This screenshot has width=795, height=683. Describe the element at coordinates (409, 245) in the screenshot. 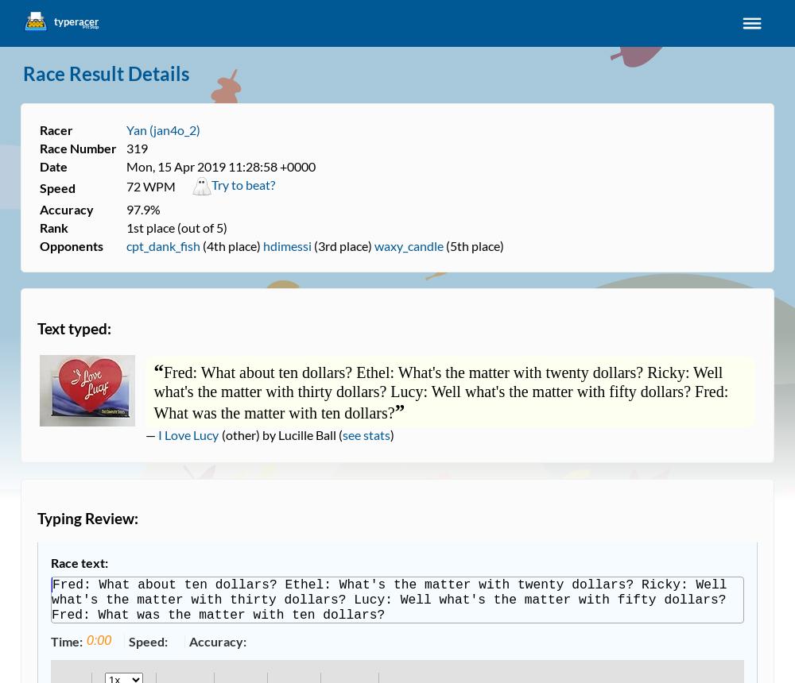

I see `'waxy_candle'` at that location.